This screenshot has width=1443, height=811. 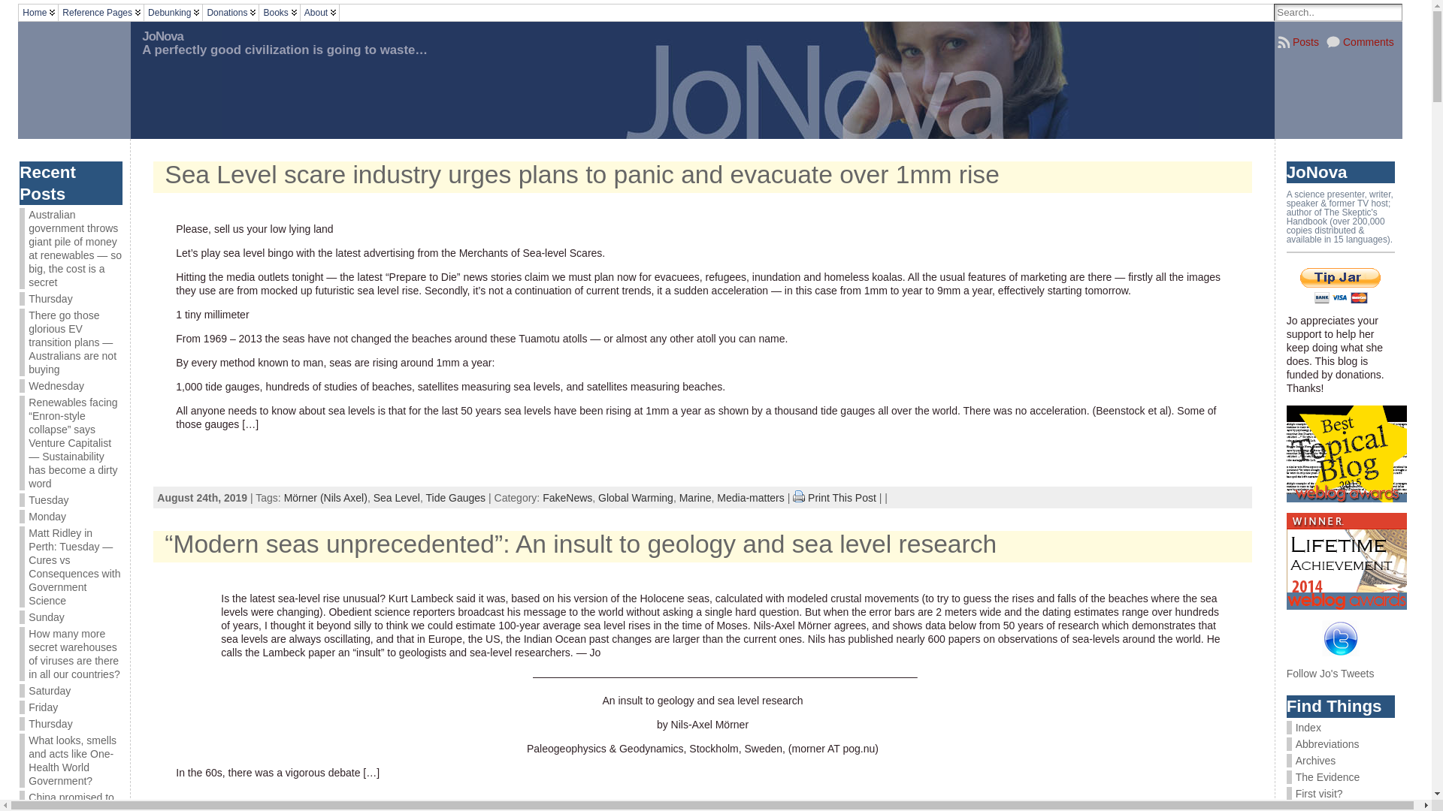 What do you see at coordinates (716, 498) in the screenshot?
I see `'Media-matters'` at bounding box center [716, 498].